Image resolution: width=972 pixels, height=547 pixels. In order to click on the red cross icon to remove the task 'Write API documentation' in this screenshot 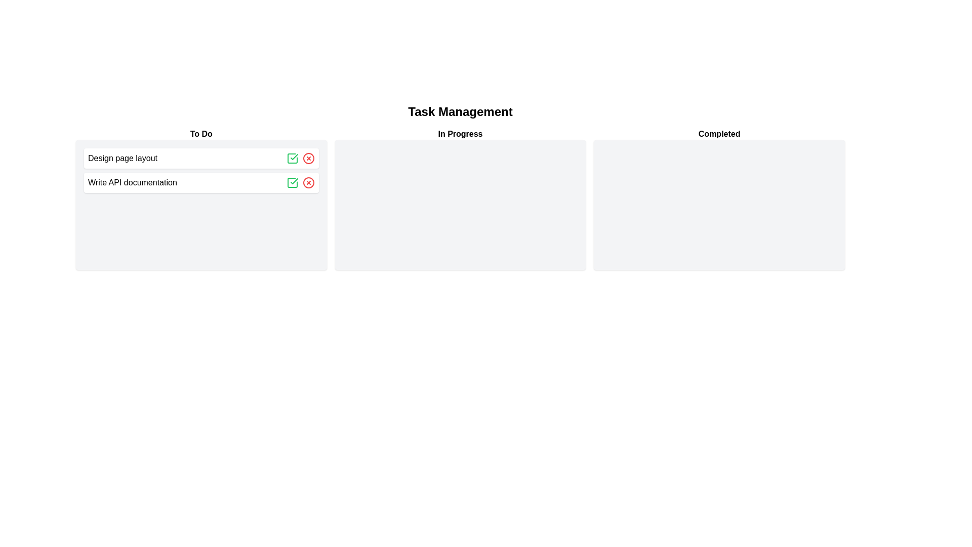, I will do `click(308, 183)`.